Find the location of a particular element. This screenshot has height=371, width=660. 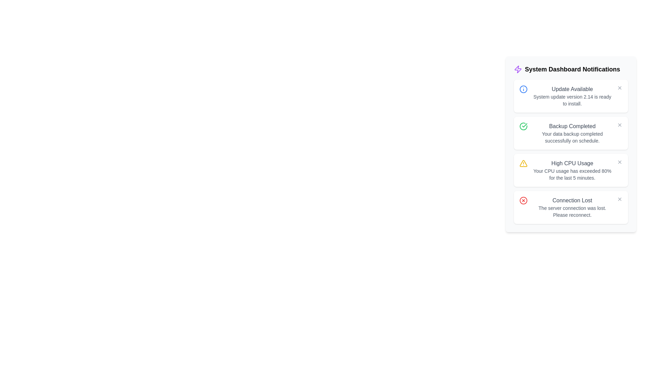

the 'Backup Completed' static textual notification label, which indicates that the backup process was successfully completed on schedule is located at coordinates (572, 133).